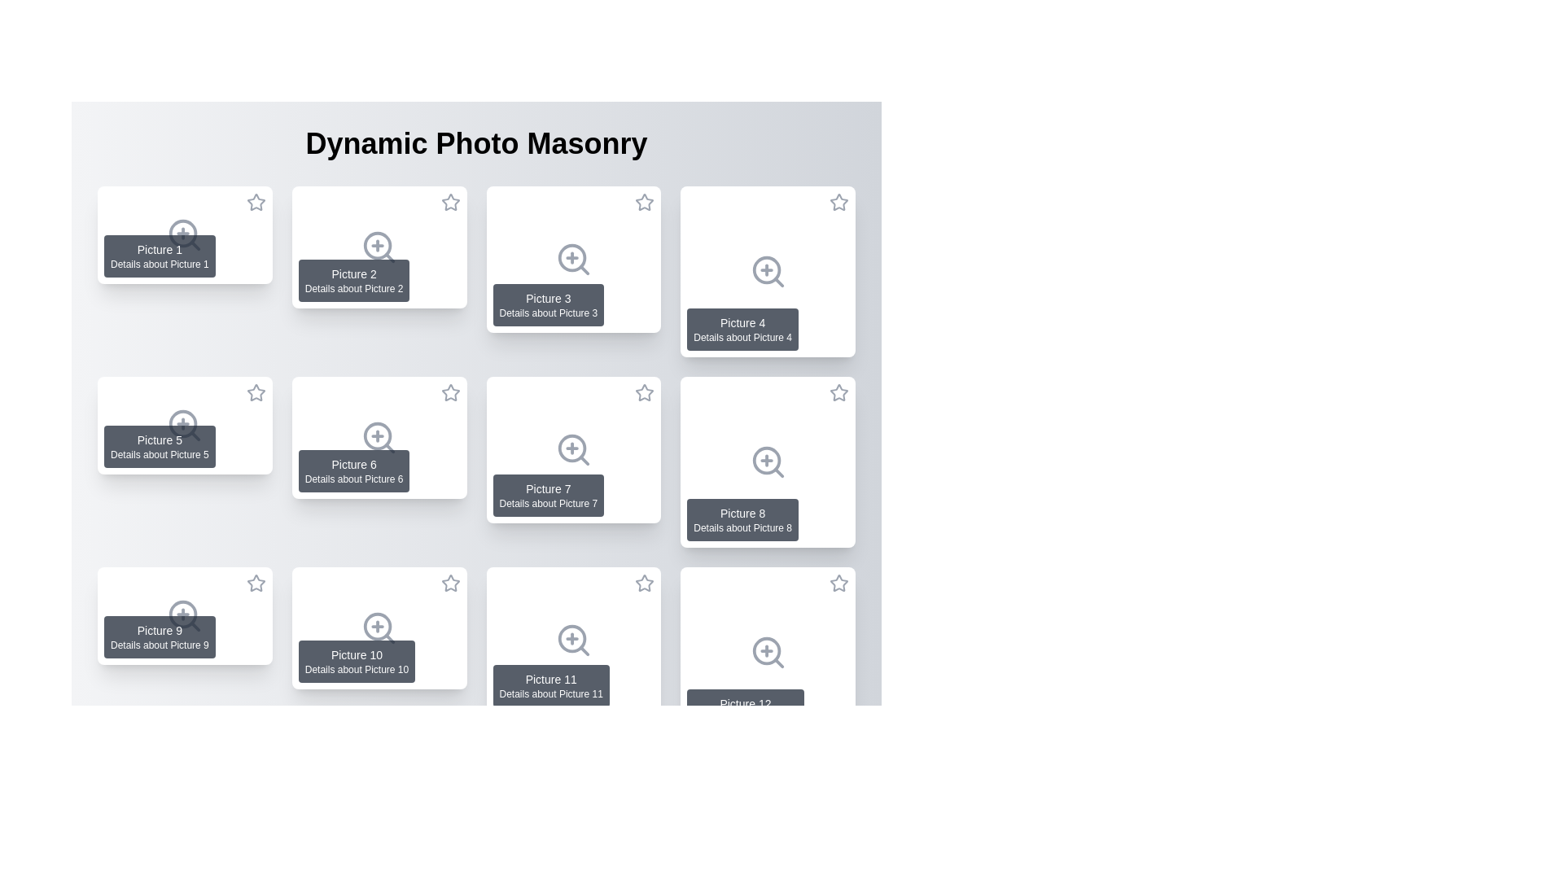 The image size is (1563, 879). What do you see at coordinates (160, 263) in the screenshot?
I see `descriptive text label located directly below the text 'Picture 1', which provides additional information about the image` at bounding box center [160, 263].